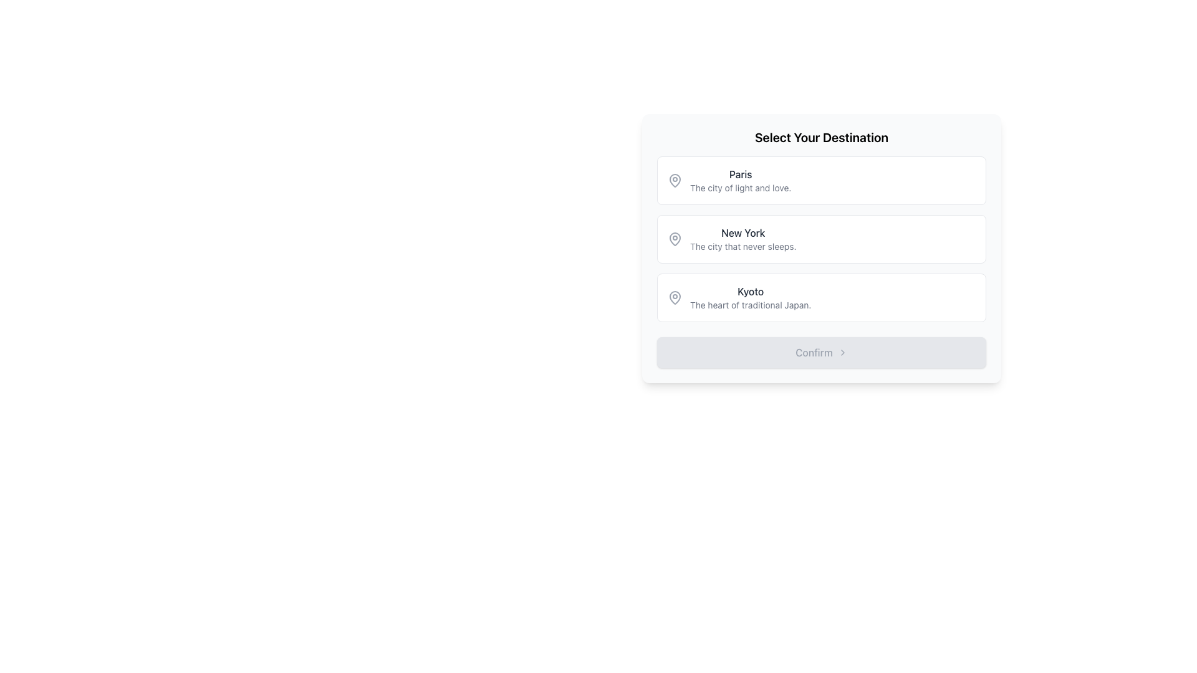 The width and height of the screenshot is (1197, 673). I want to click on the location pin icon that is visually styled with a circular base and positioned beside the text 'Paris: The city of light and love', so click(675, 180).